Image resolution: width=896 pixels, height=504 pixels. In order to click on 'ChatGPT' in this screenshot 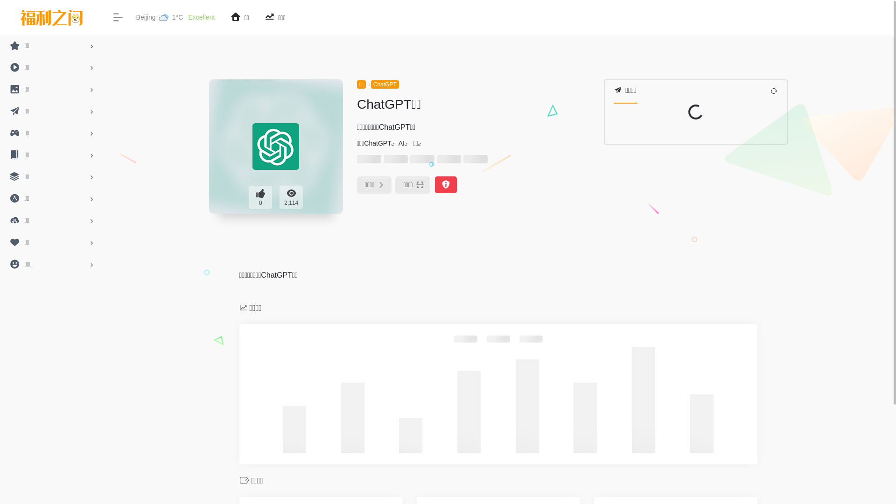, I will do `click(378, 143)`.